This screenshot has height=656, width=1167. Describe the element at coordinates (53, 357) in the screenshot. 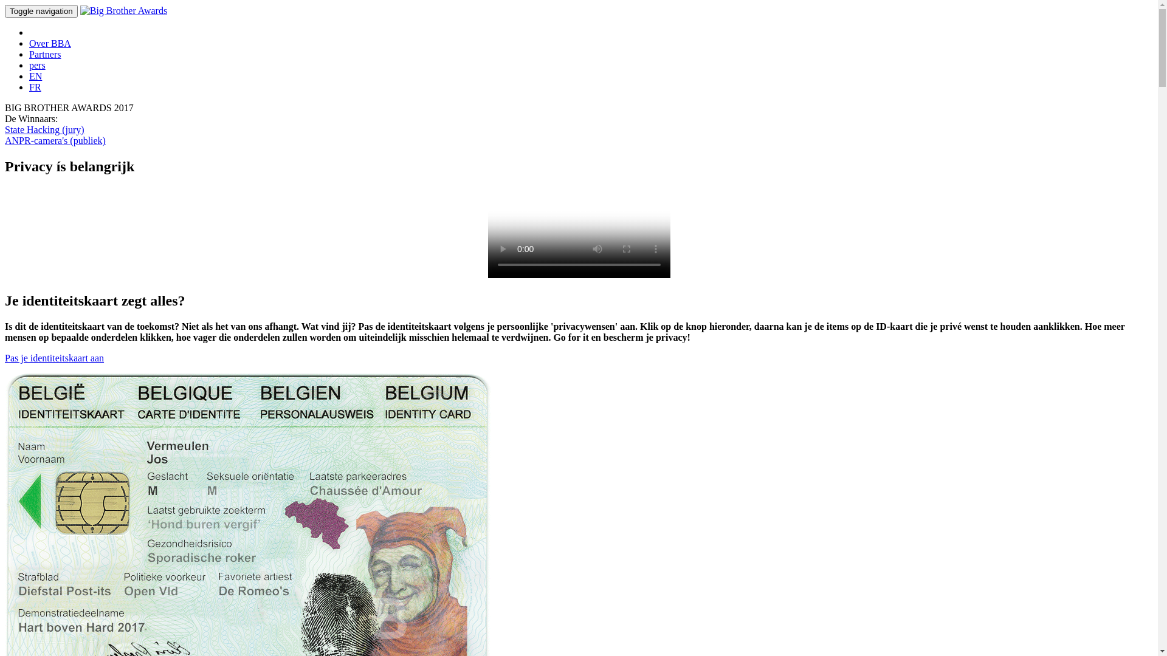

I see `'Pas je identiteitskaart aan'` at that location.